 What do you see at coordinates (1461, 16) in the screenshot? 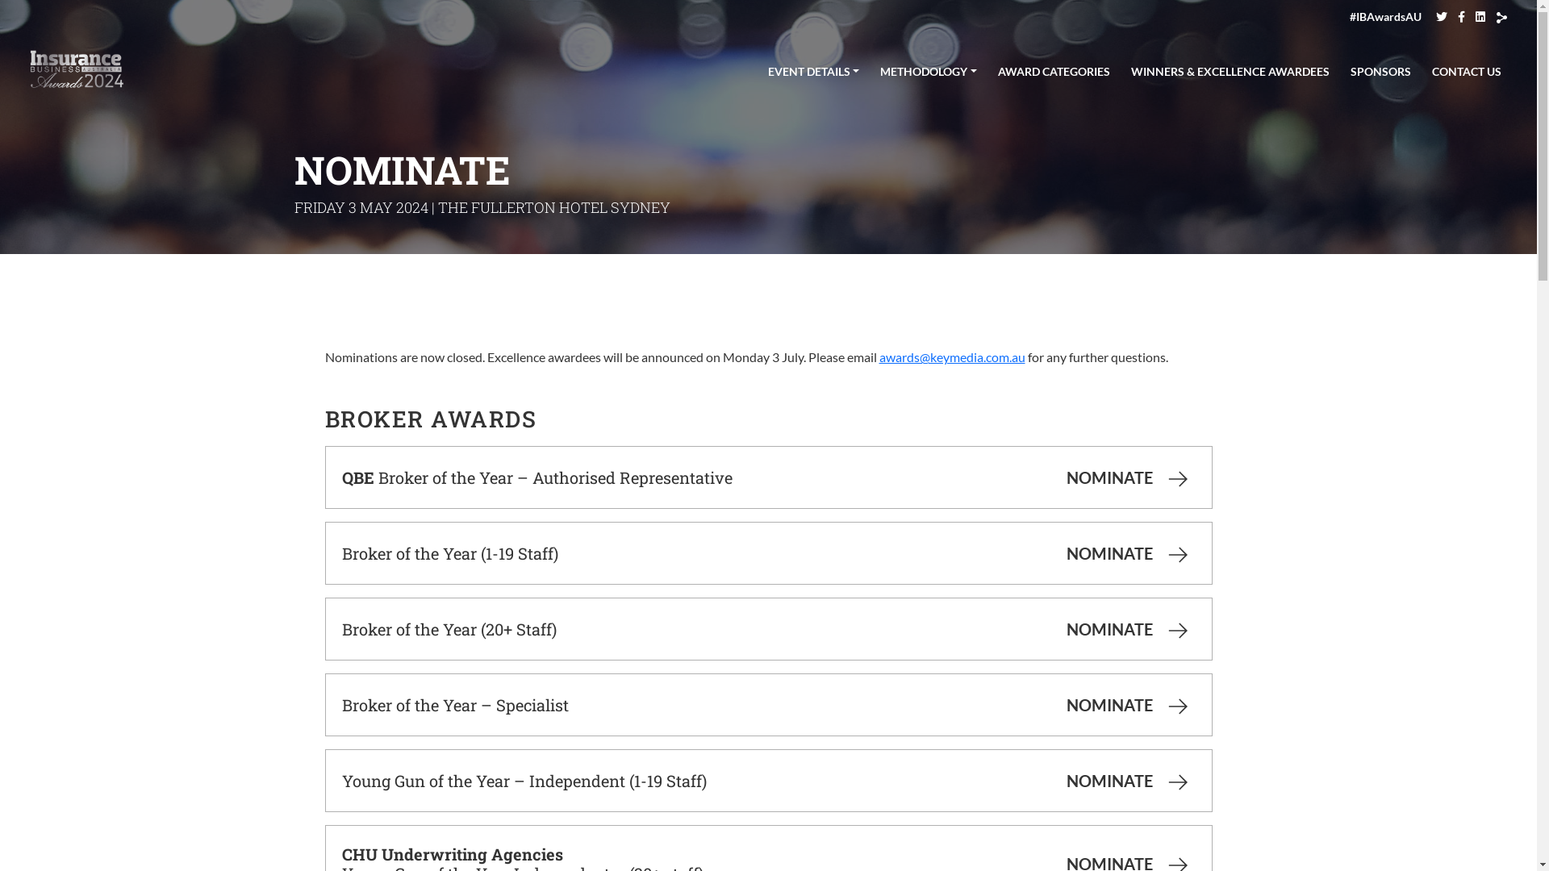
I see `'Insurance Business Awards Australia Facebook page'` at bounding box center [1461, 16].